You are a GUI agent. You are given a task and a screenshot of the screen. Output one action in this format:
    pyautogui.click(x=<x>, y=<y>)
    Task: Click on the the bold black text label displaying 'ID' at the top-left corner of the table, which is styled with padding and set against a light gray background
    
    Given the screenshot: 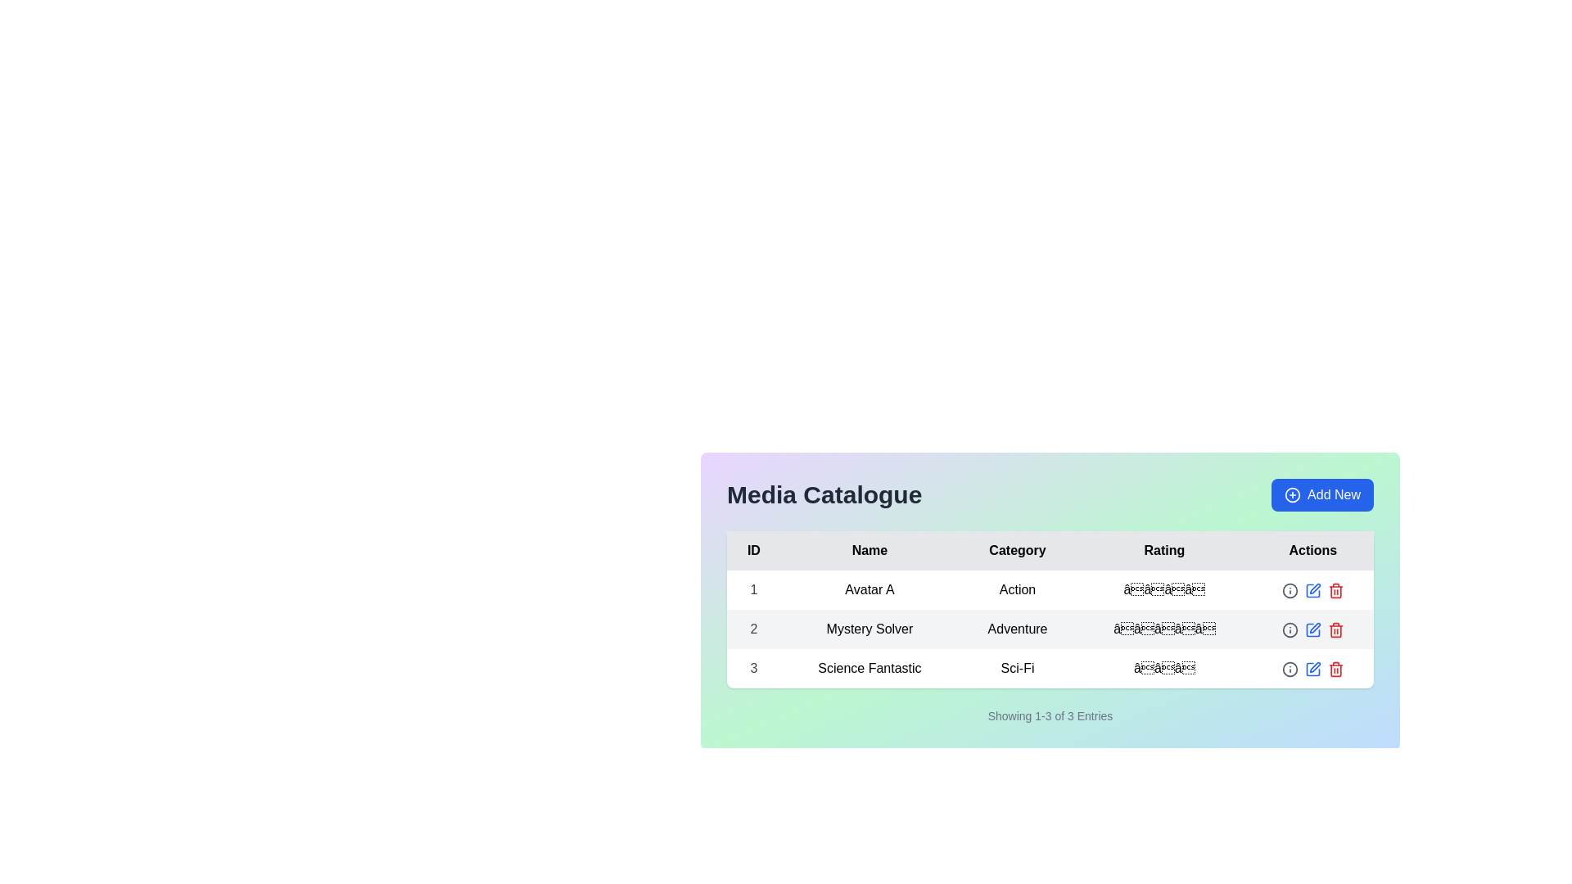 What is the action you would take?
    pyautogui.click(x=753, y=550)
    